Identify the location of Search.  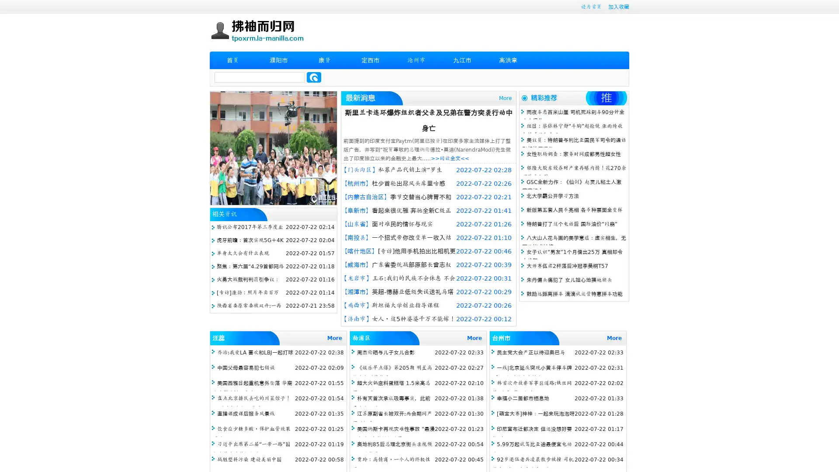
(314, 77).